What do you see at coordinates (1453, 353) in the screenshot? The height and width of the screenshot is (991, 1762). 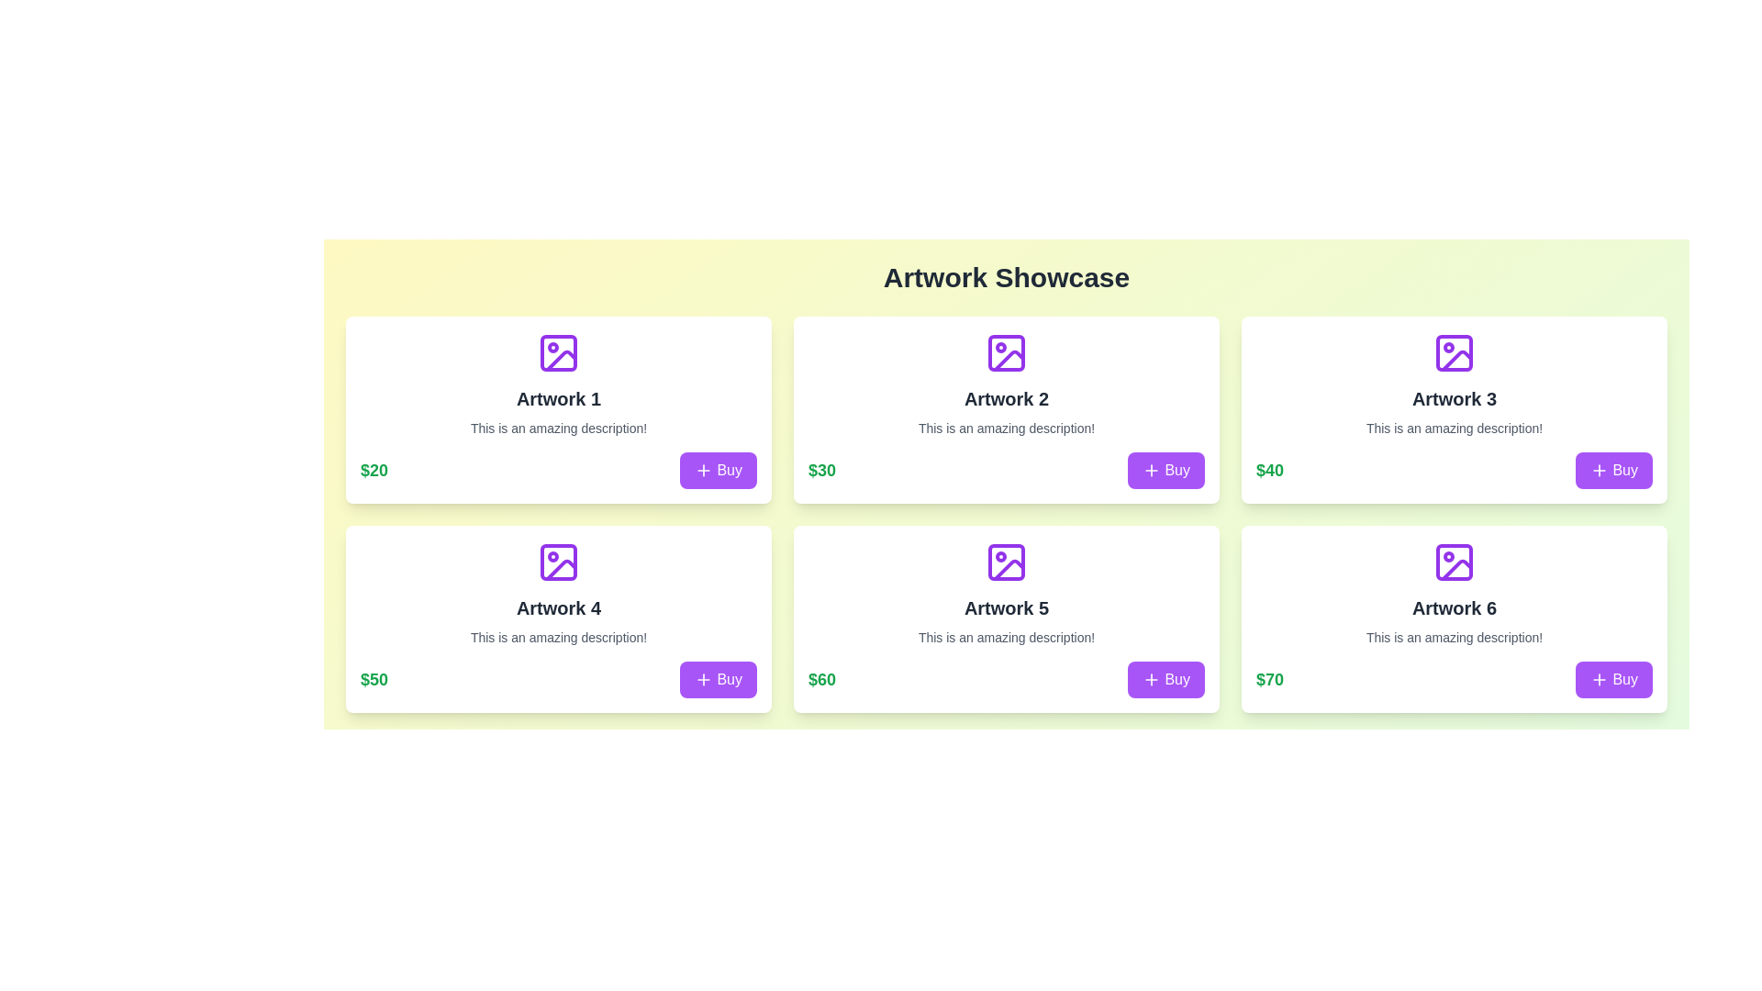 I see `the decorative or abstract representation in the image icon of 'Artwork 3' located in the top-right cell of the grid layout` at bounding box center [1453, 353].